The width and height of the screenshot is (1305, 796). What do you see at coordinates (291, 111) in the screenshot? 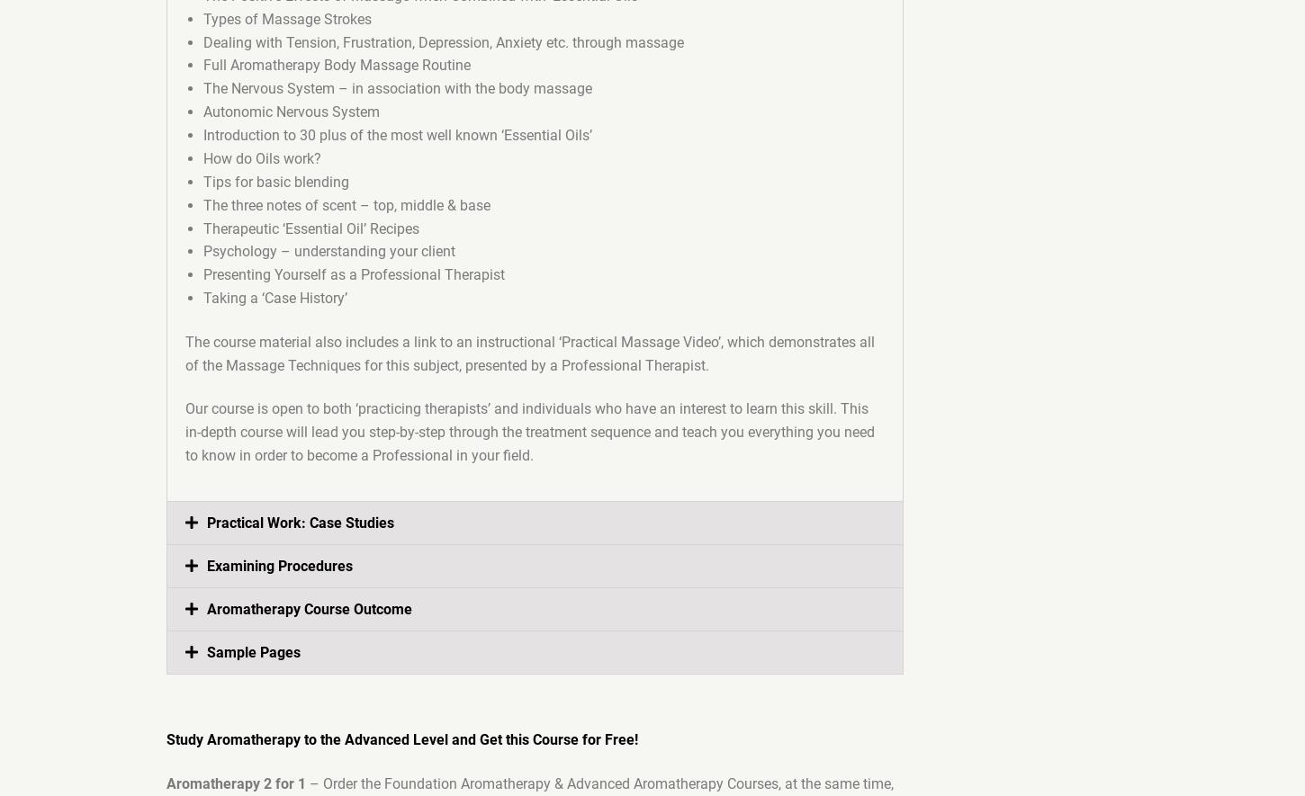
I see `'Autonomic Nervous System'` at bounding box center [291, 111].